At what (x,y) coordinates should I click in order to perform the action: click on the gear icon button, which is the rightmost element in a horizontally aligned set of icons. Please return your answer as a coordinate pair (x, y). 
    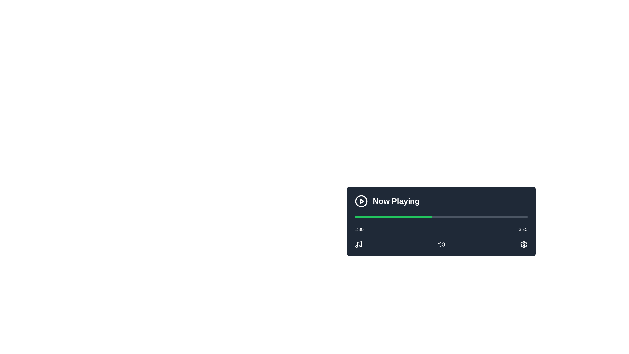
    Looking at the image, I should click on (523, 244).